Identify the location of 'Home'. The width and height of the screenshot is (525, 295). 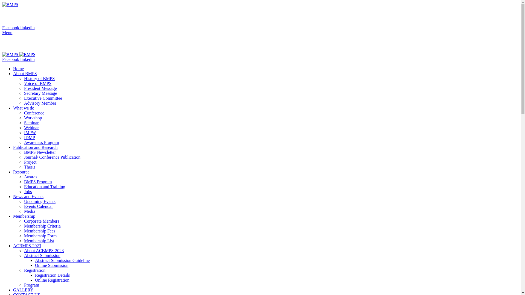
(13, 68).